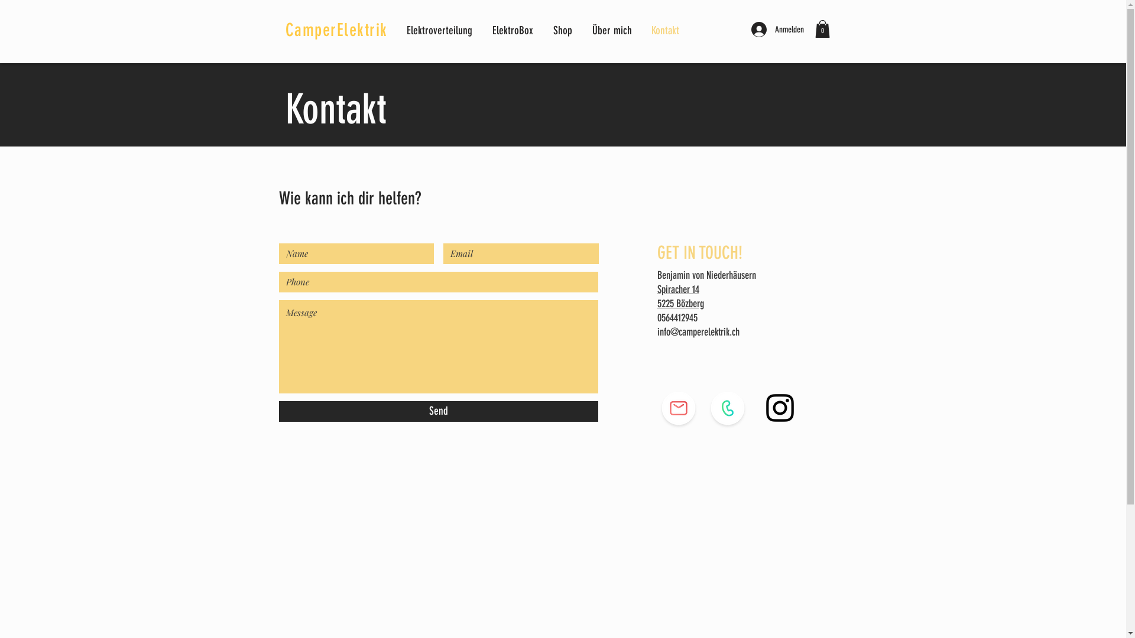  I want to click on 'info@camperelektrik.ch', so click(698, 332).